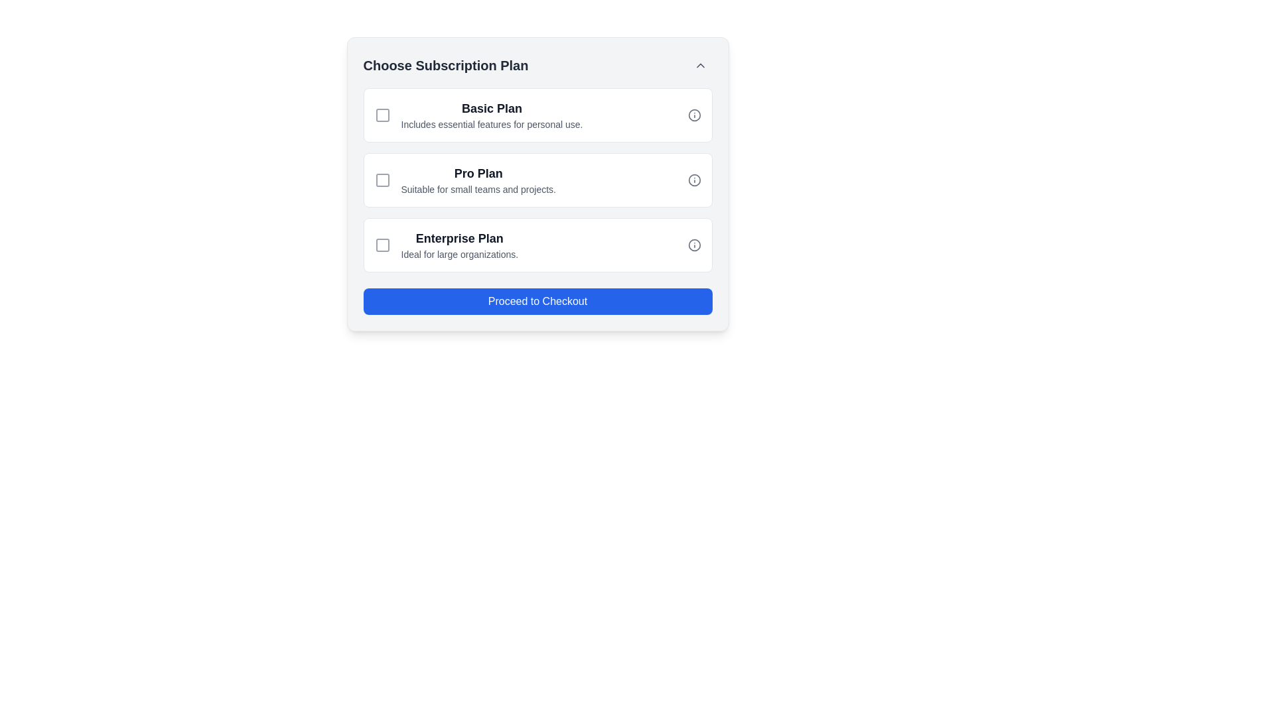  I want to click on the Information Icon located at the far right of the 'Enterprise Plan' section under the 'Choose Subscription Plan' heading, so click(693, 245).